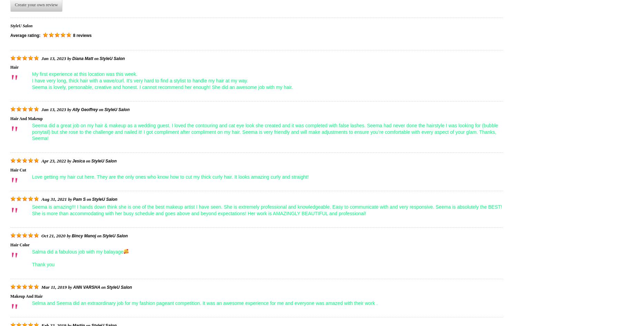  Describe the element at coordinates (73, 287) in the screenshot. I see `'ANN VARSHA'` at that location.